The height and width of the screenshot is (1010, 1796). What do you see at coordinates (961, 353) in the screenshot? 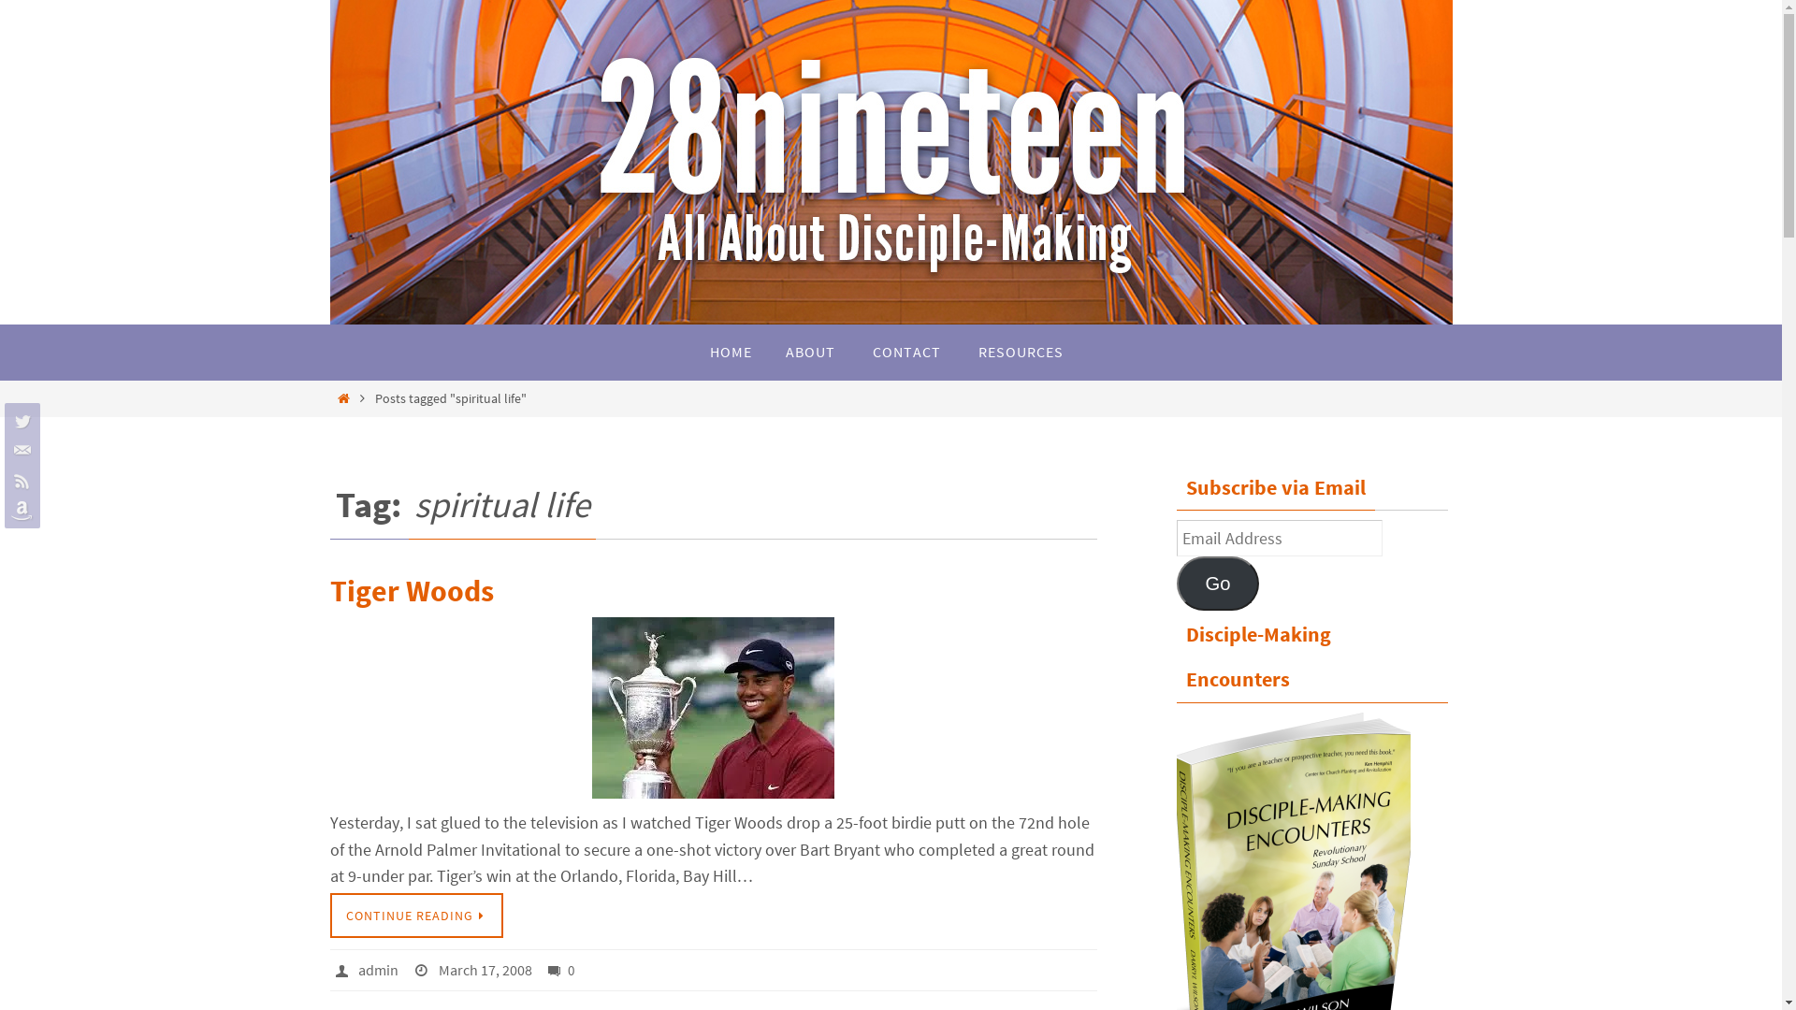
I see `'RESOURCES'` at bounding box center [961, 353].